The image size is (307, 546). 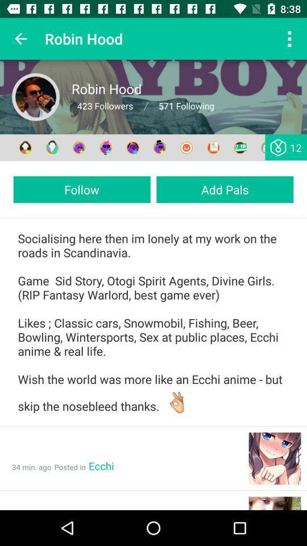 I want to click on the item to the left of add pals, so click(x=81, y=189).